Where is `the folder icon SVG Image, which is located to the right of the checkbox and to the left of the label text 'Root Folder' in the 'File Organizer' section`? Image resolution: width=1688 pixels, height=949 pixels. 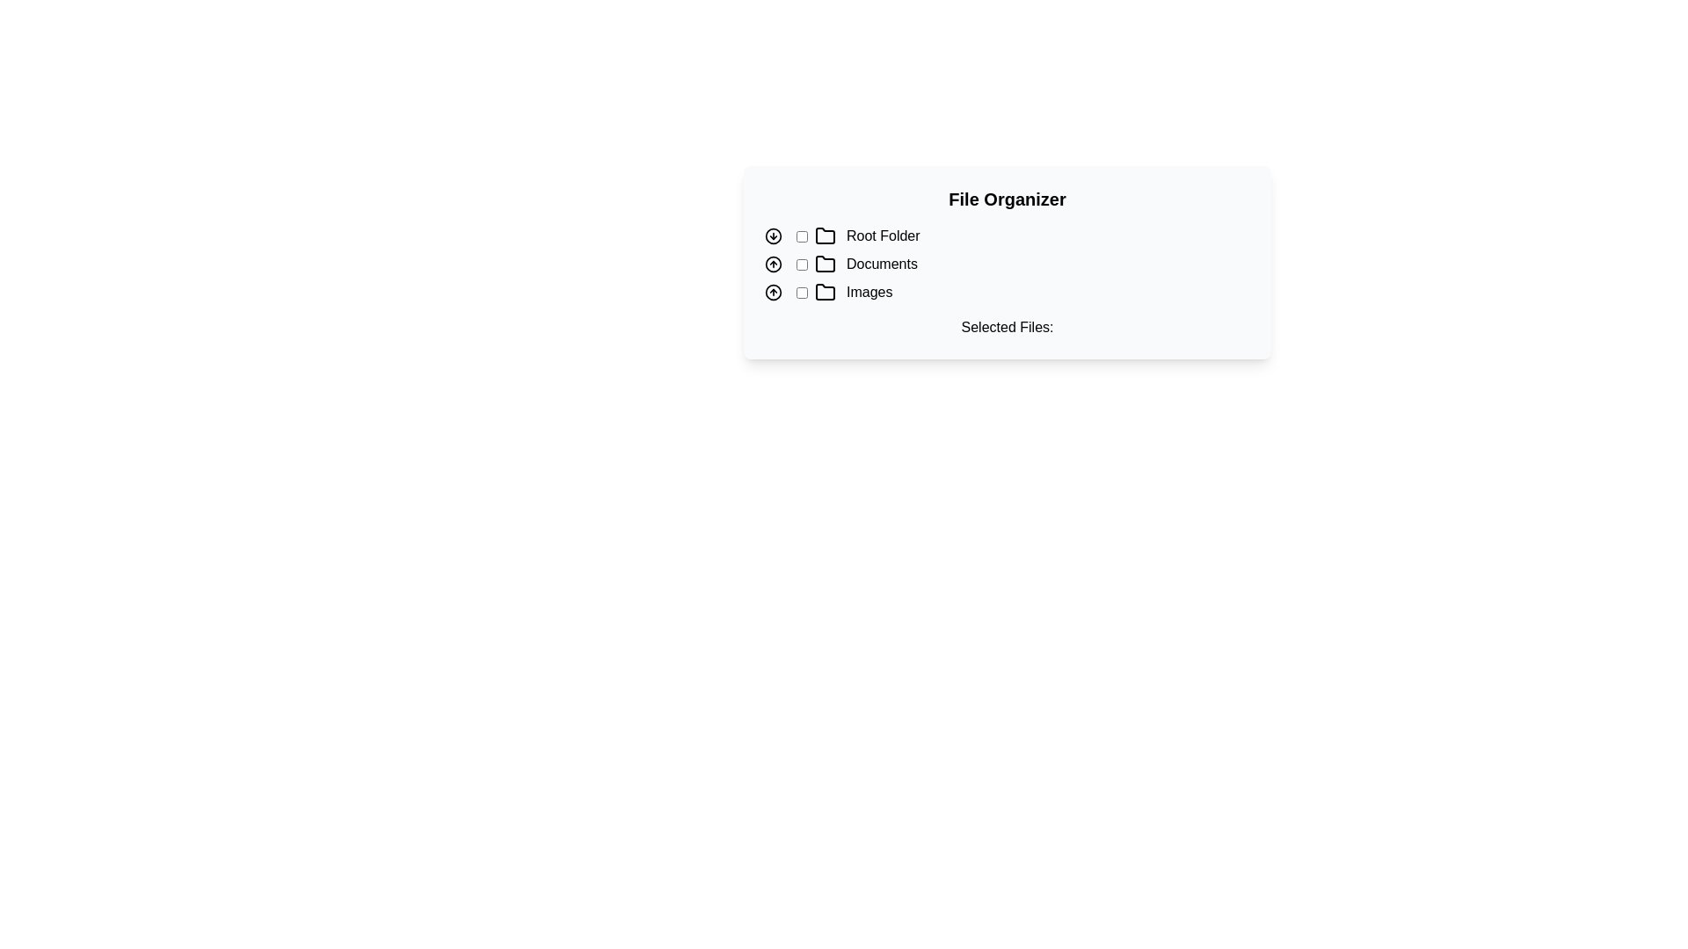 the folder icon SVG Image, which is located to the right of the checkbox and to the left of the label text 'Root Folder' in the 'File Organizer' section is located at coordinates (825, 235).